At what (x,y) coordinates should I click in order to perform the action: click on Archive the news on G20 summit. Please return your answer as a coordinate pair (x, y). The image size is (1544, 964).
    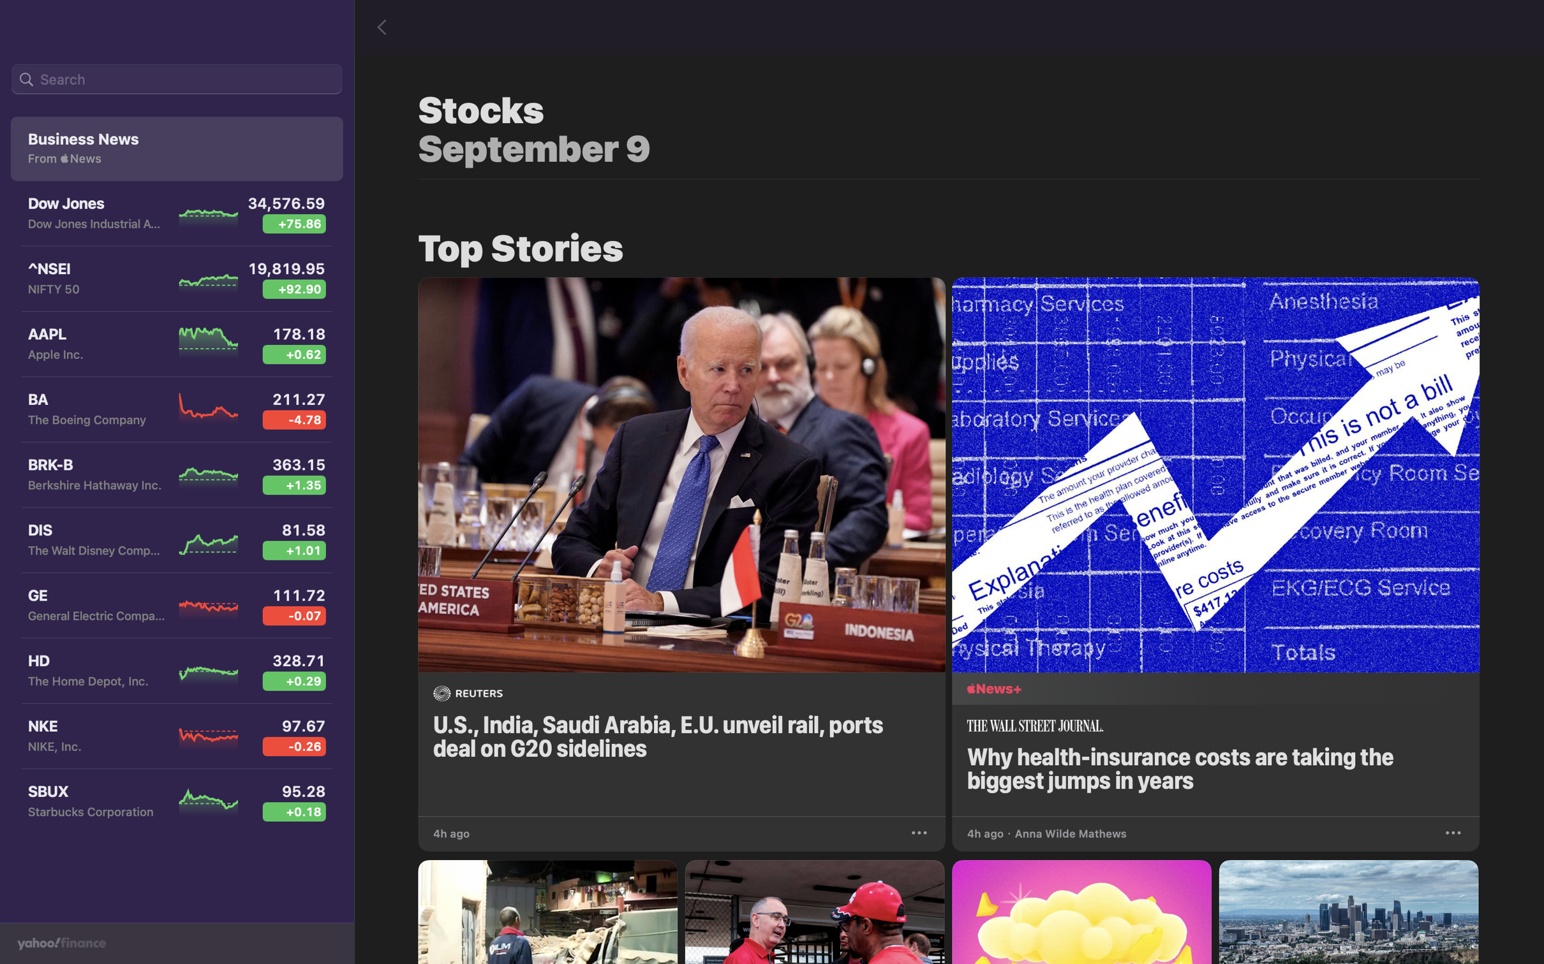
    Looking at the image, I should click on (921, 831).